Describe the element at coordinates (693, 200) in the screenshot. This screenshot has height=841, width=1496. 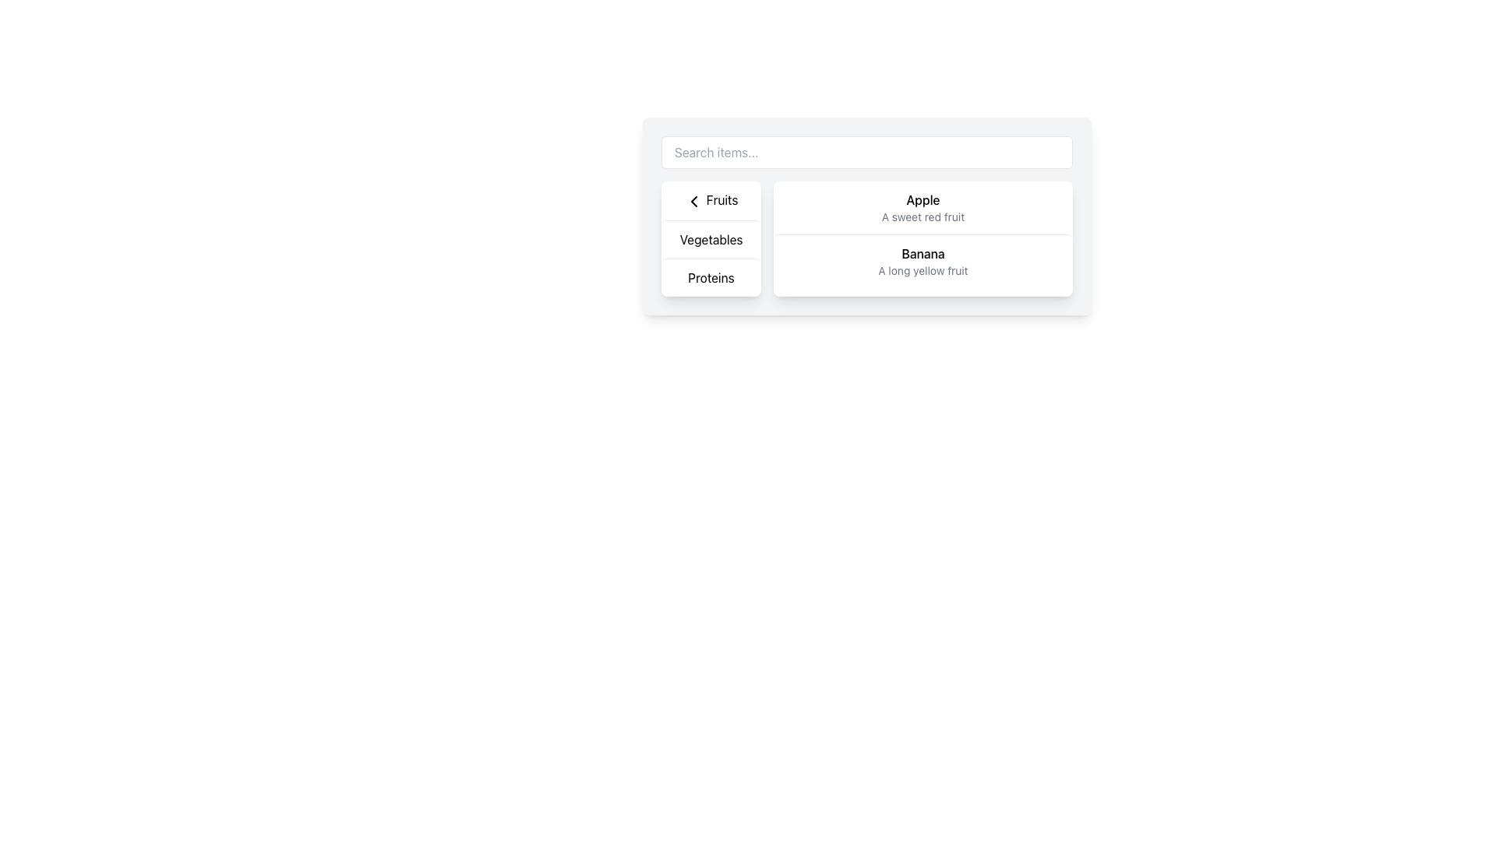
I see `the left chevron icon, which serves as a navigational control adjacent to the 'Fruits' label in the vertical list of categories` at that location.